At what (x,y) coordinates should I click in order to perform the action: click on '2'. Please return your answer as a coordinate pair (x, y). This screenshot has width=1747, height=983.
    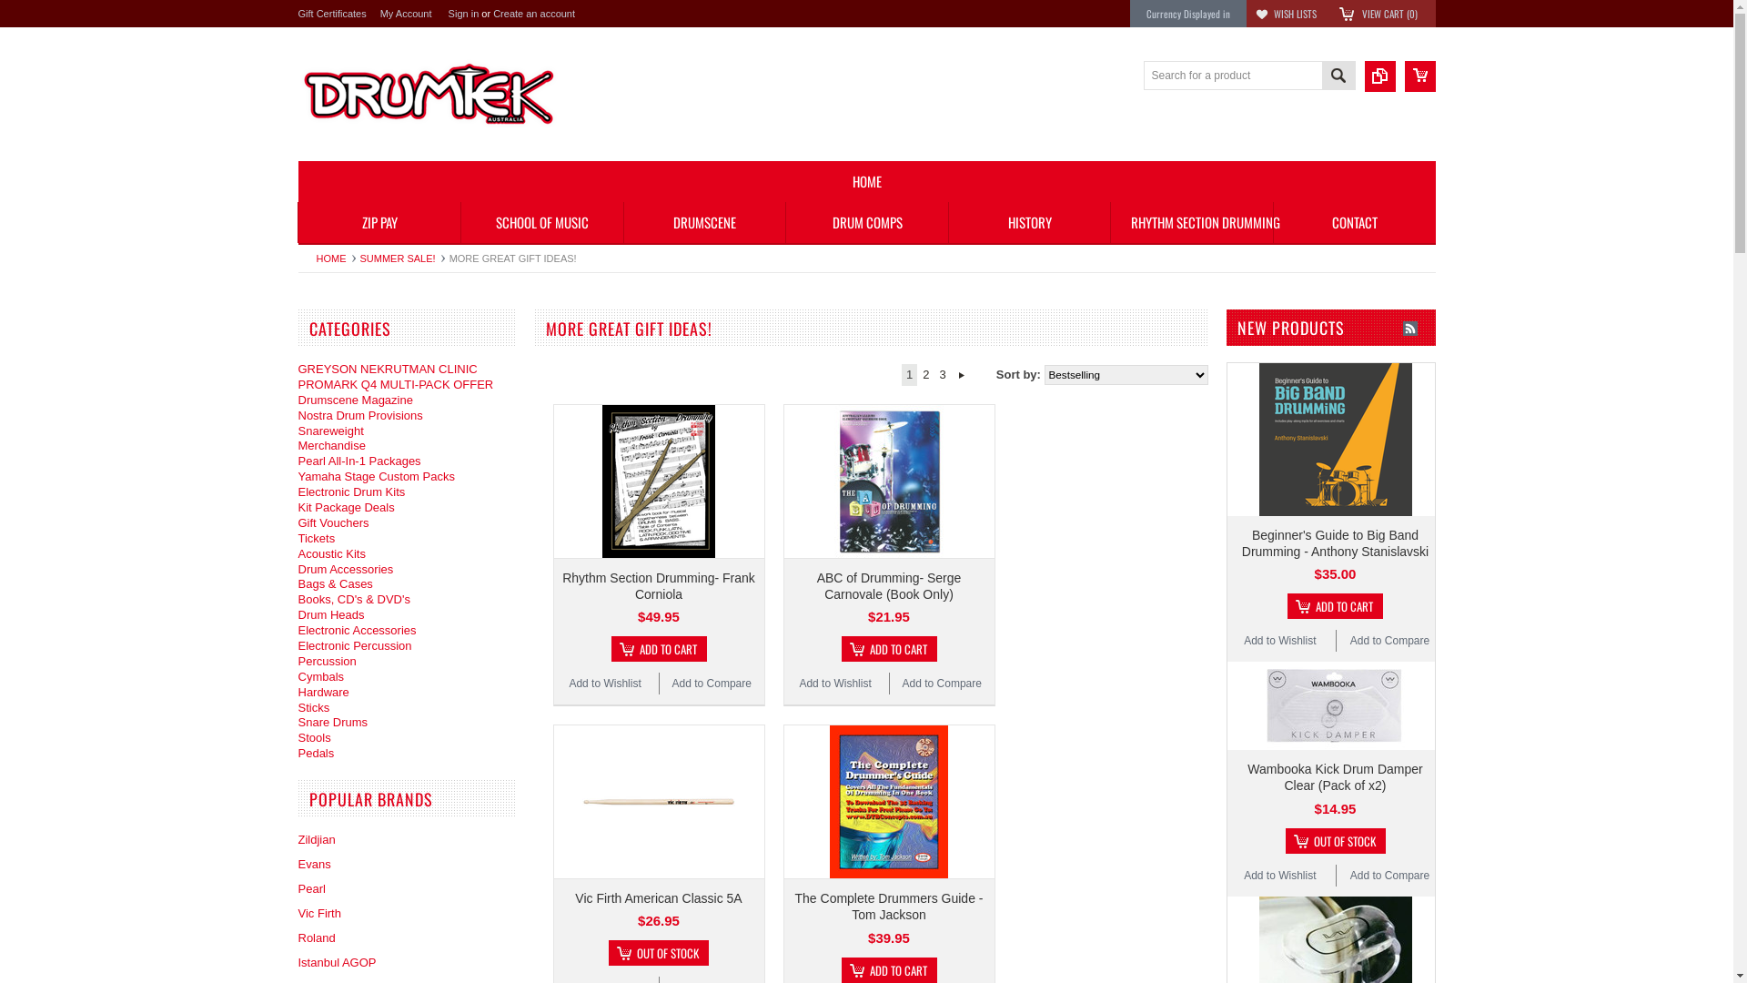
    Looking at the image, I should click on (925, 374).